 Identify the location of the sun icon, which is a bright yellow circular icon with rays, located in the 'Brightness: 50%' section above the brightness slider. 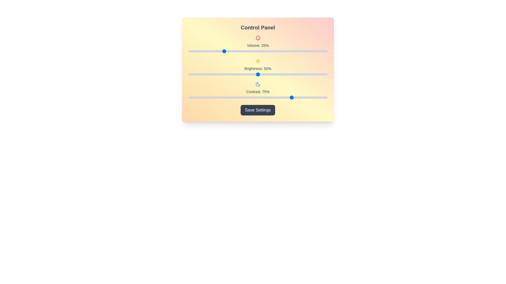
(258, 61).